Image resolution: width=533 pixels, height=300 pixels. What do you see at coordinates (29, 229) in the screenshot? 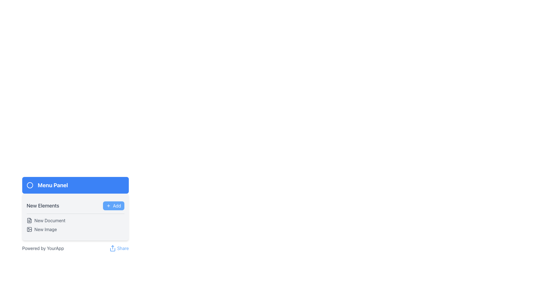
I see `the primary rectangular background of the icon labeled 'New Image', which is located in the lower area of the interface` at bounding box center [29, 229].